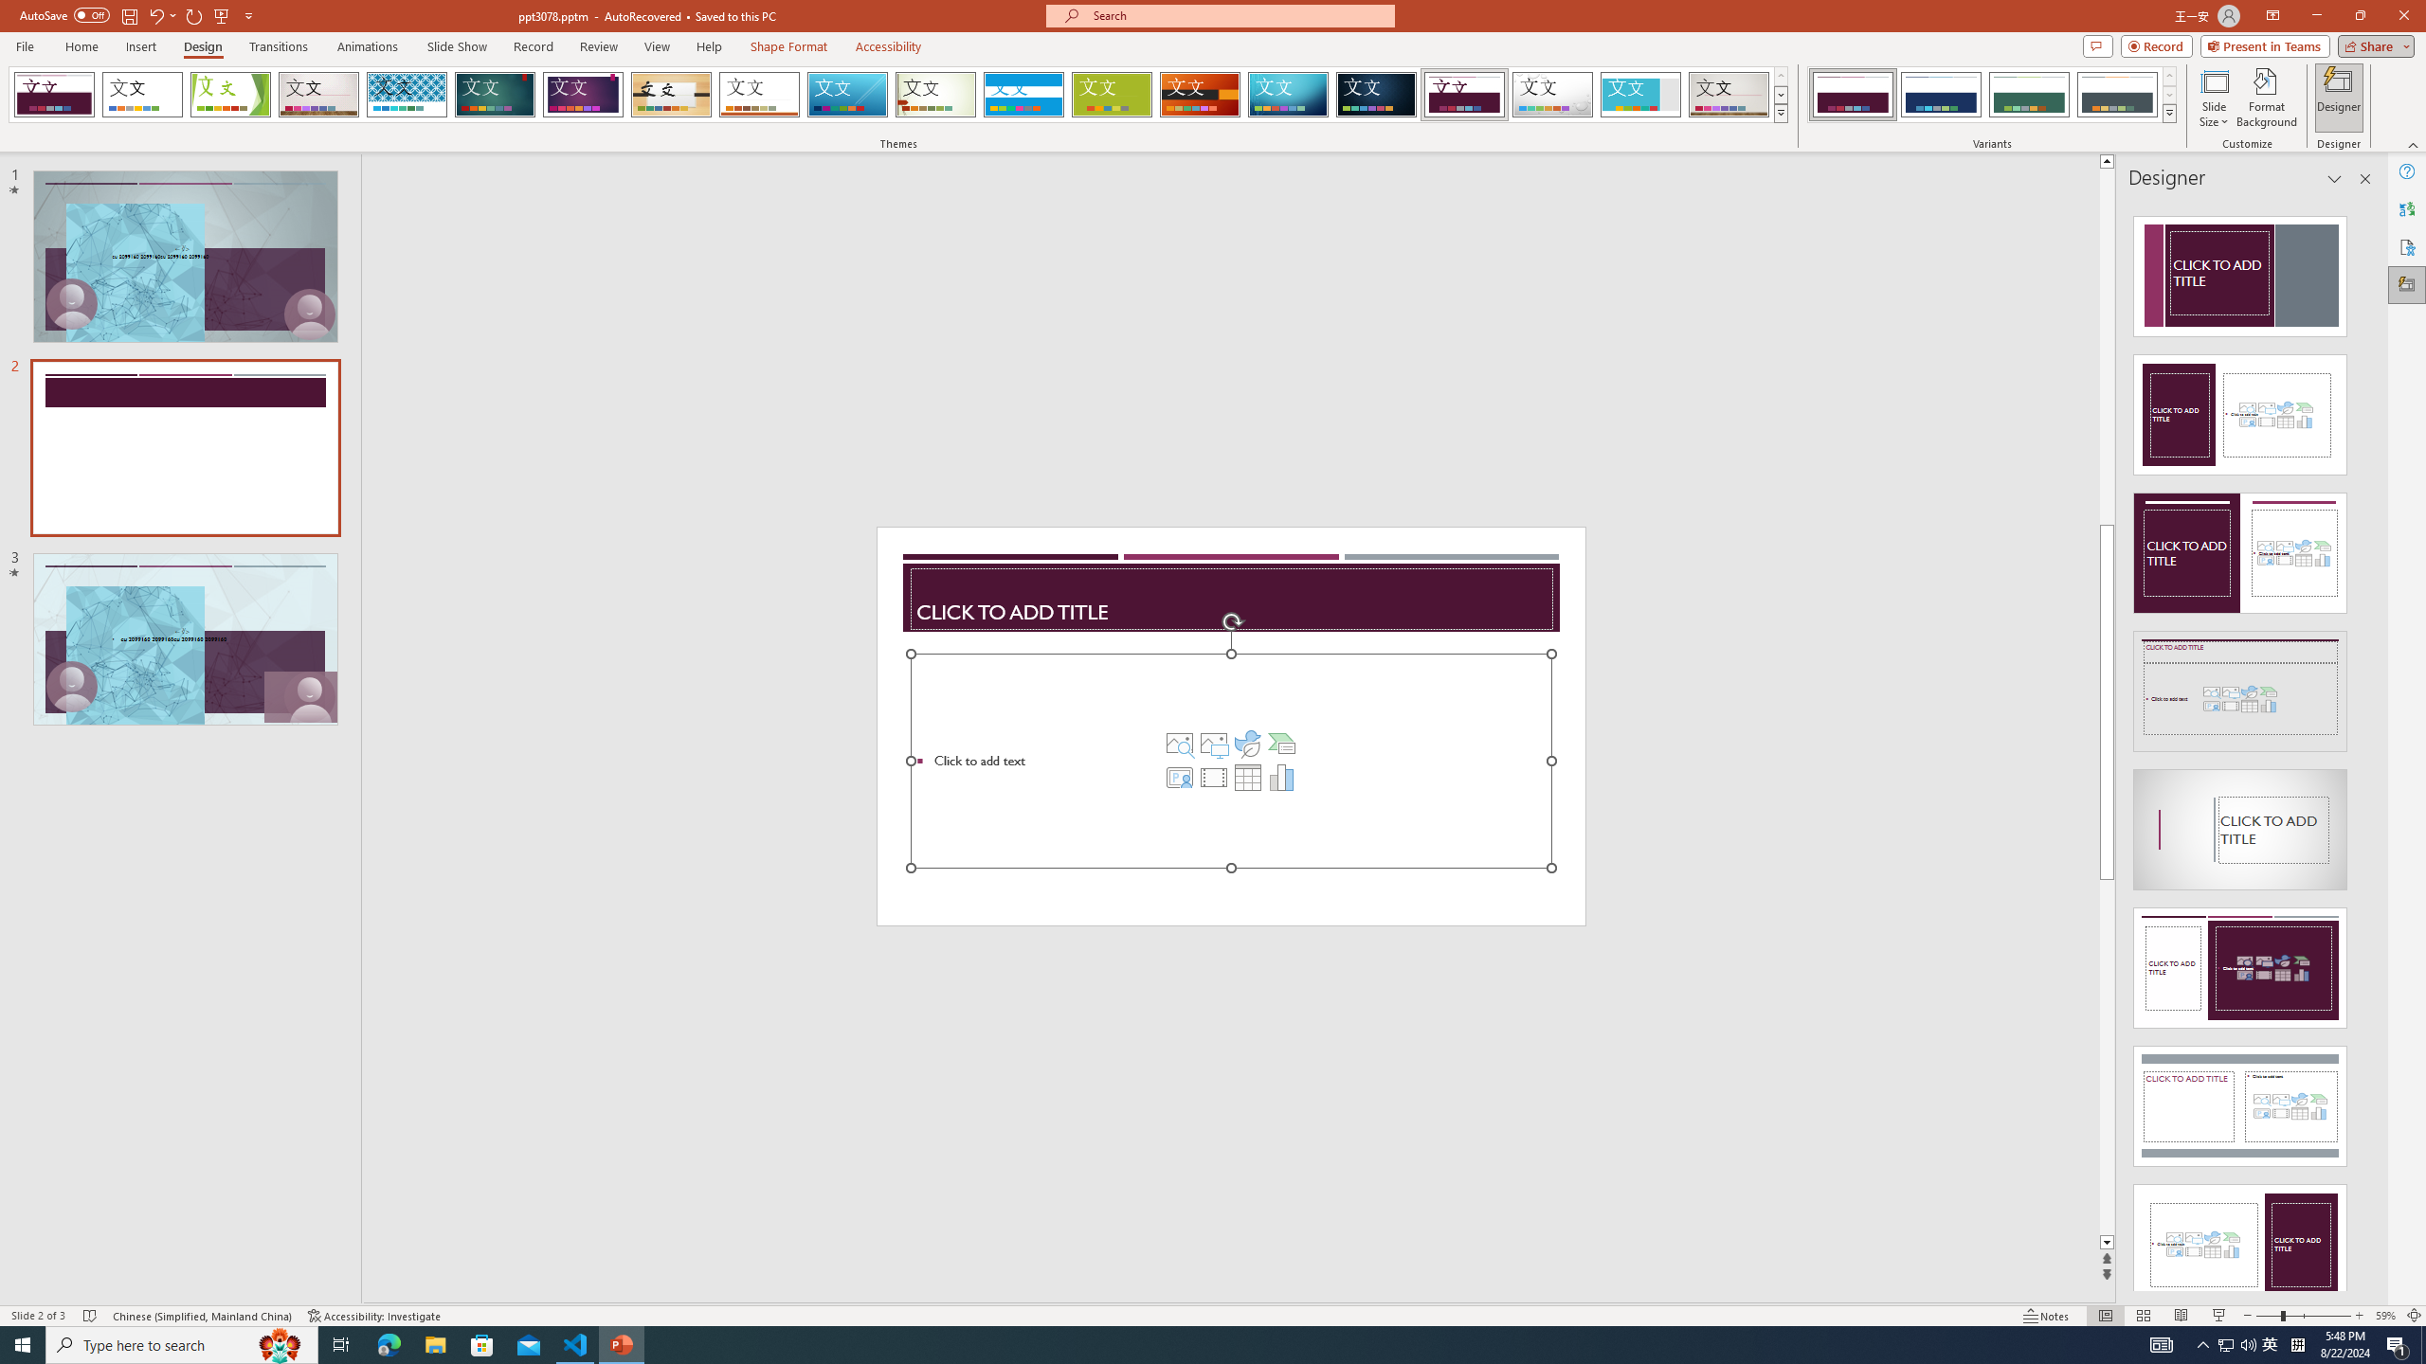 This screenshot has height=1364, width=2426. What do you see at coordinates (1179, 743) in the screenshot?
I see `'Stock Images'` at bounding box center [1179, 743].